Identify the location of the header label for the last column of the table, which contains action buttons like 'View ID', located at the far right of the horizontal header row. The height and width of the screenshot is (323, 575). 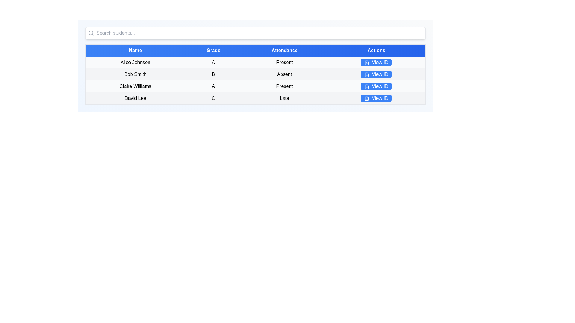
(376, 50).